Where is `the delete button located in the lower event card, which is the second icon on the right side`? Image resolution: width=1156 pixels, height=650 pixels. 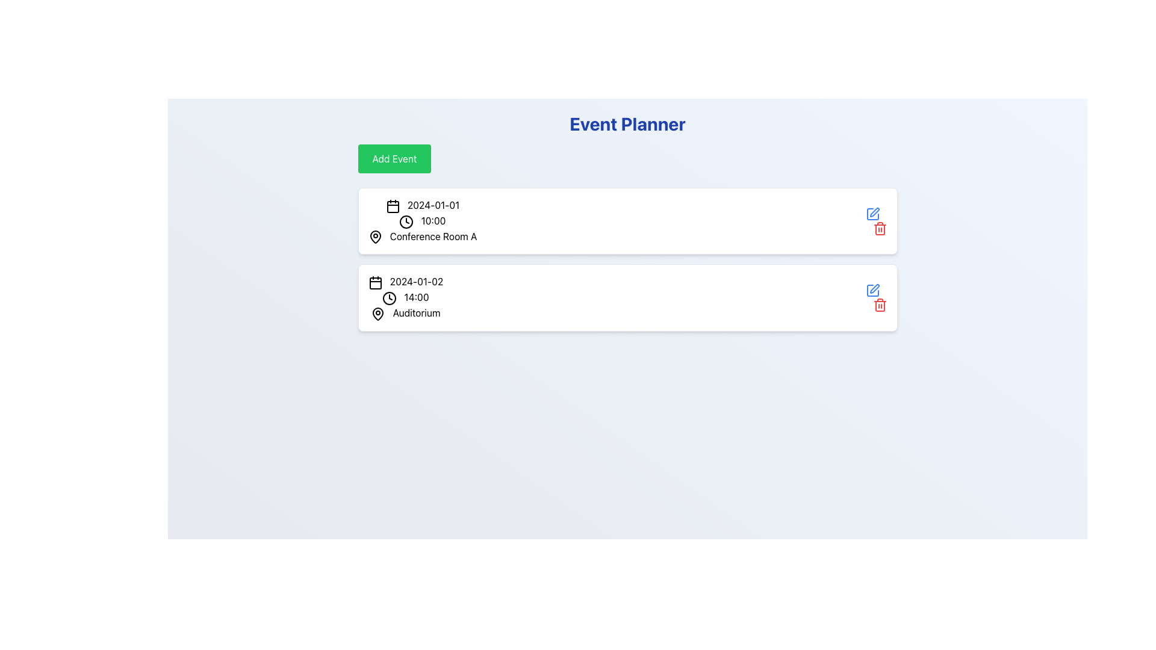
the delete button located in the lower event card, which is the second icon on the right side is located at coordinates (880, 305).